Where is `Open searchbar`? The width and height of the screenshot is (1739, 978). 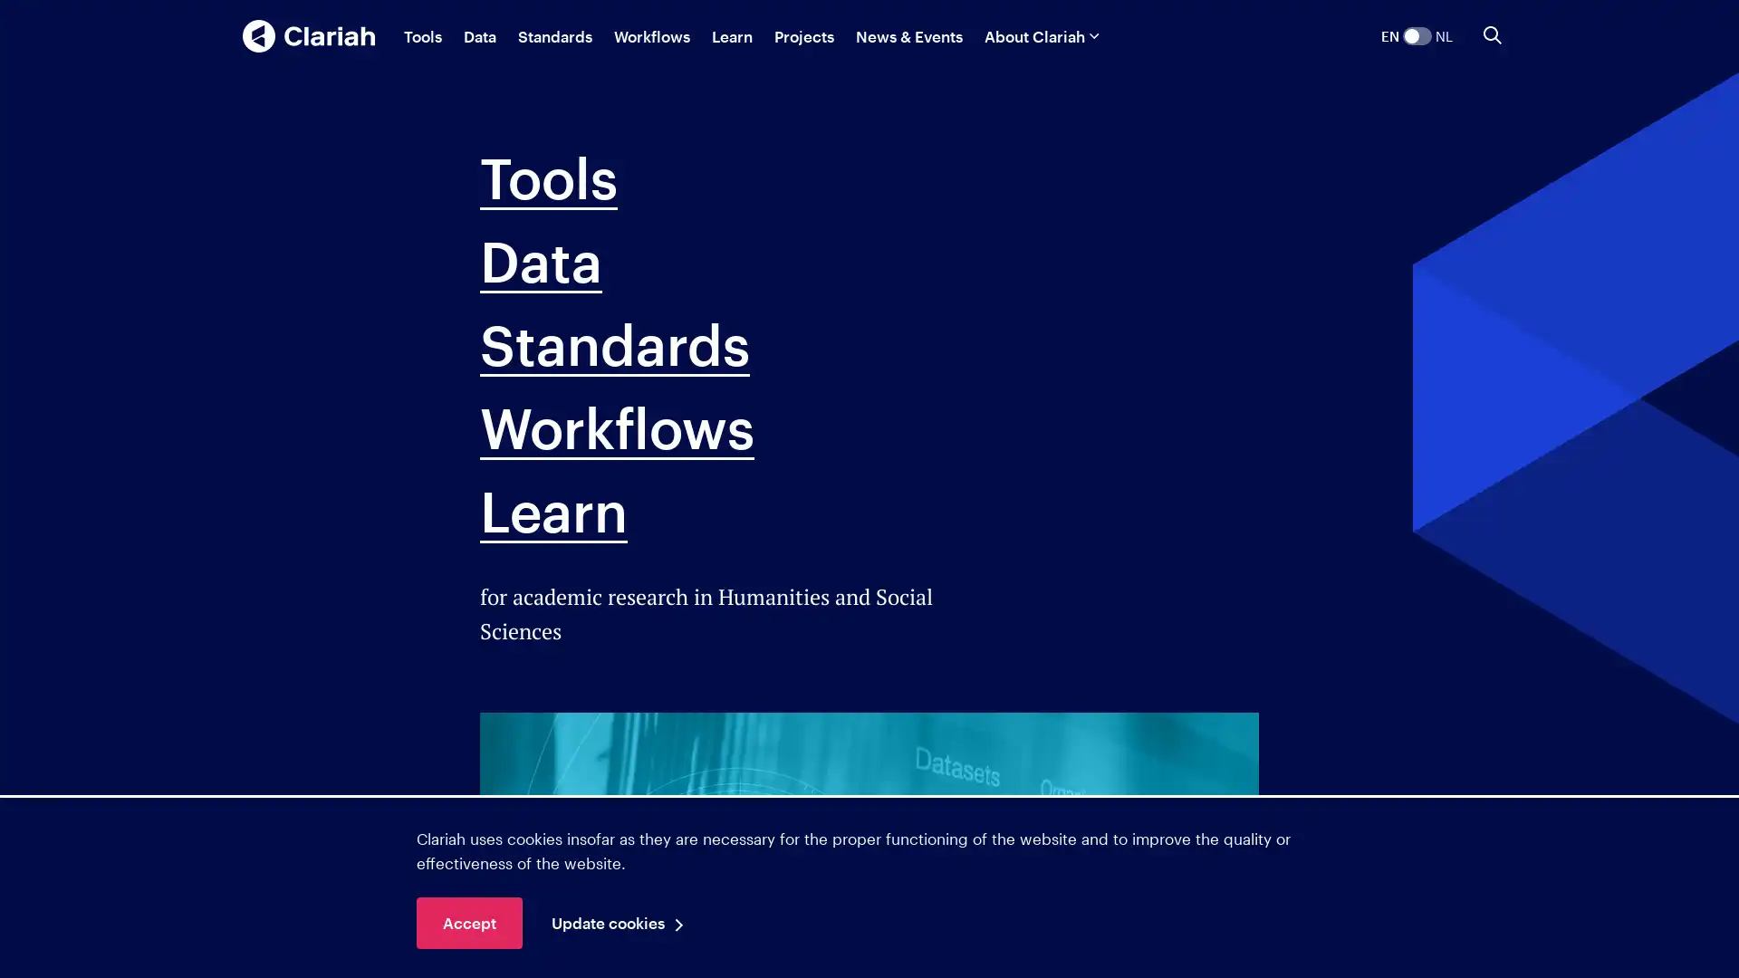 Open searchbar is located at coordinates (1492, 35).